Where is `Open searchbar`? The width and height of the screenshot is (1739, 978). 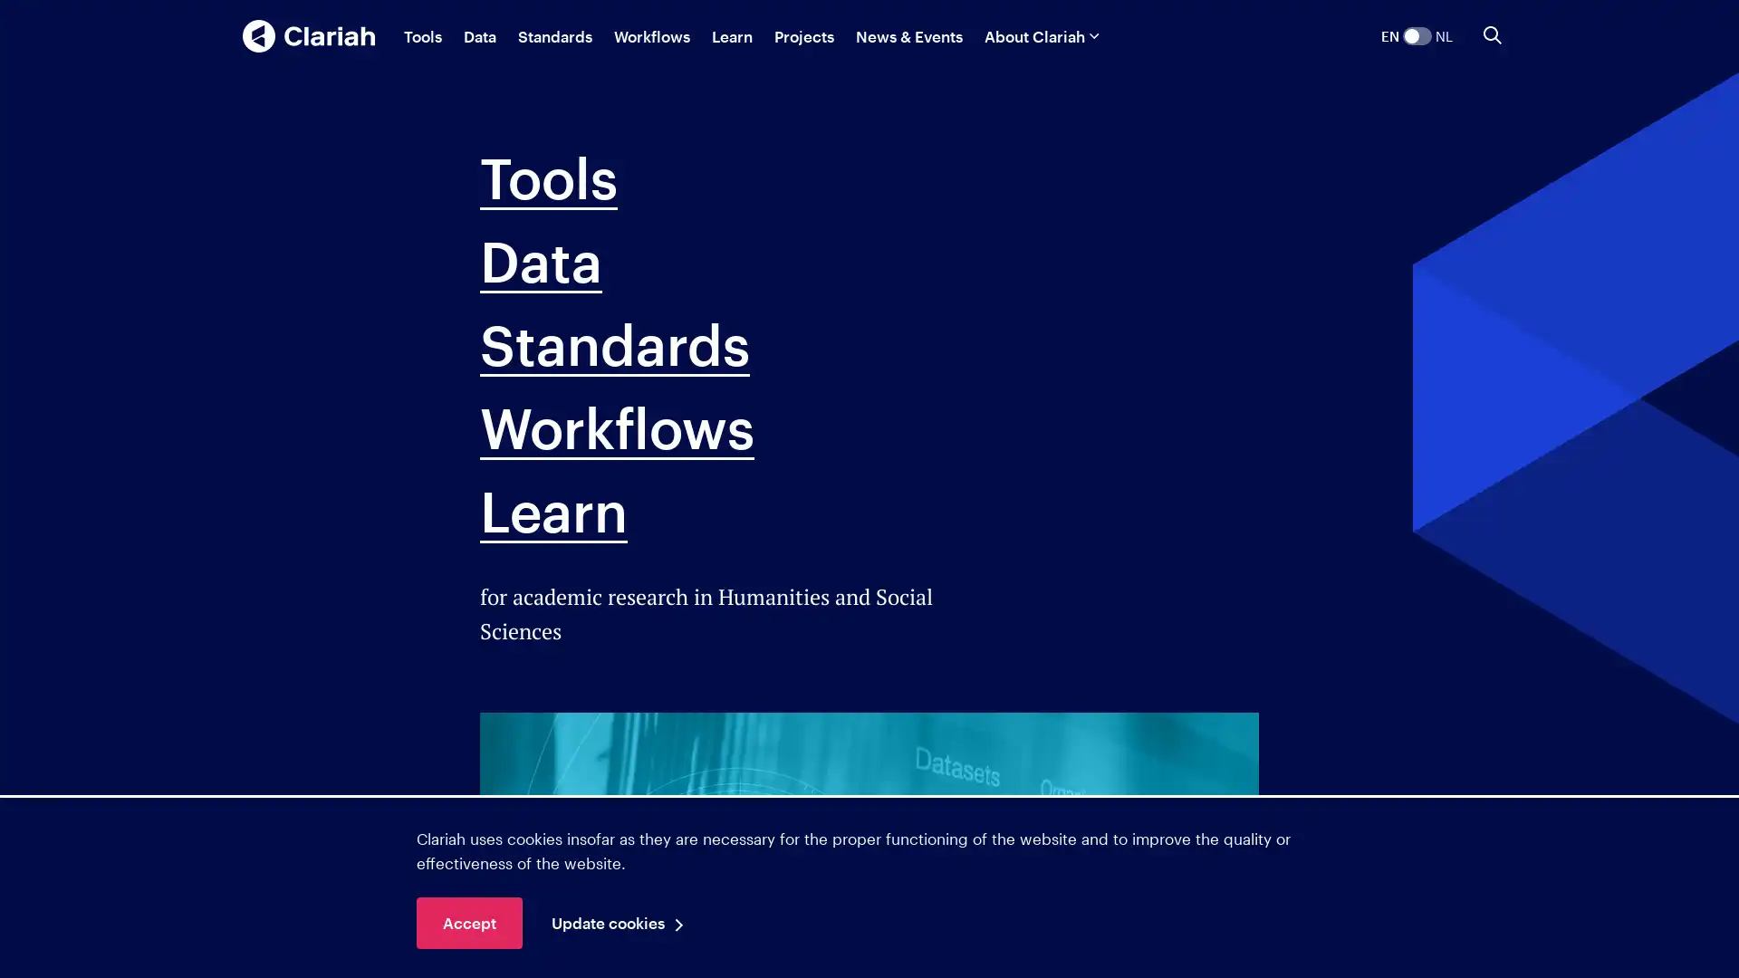 Open searchbar is located at coordinates (1492, 35).